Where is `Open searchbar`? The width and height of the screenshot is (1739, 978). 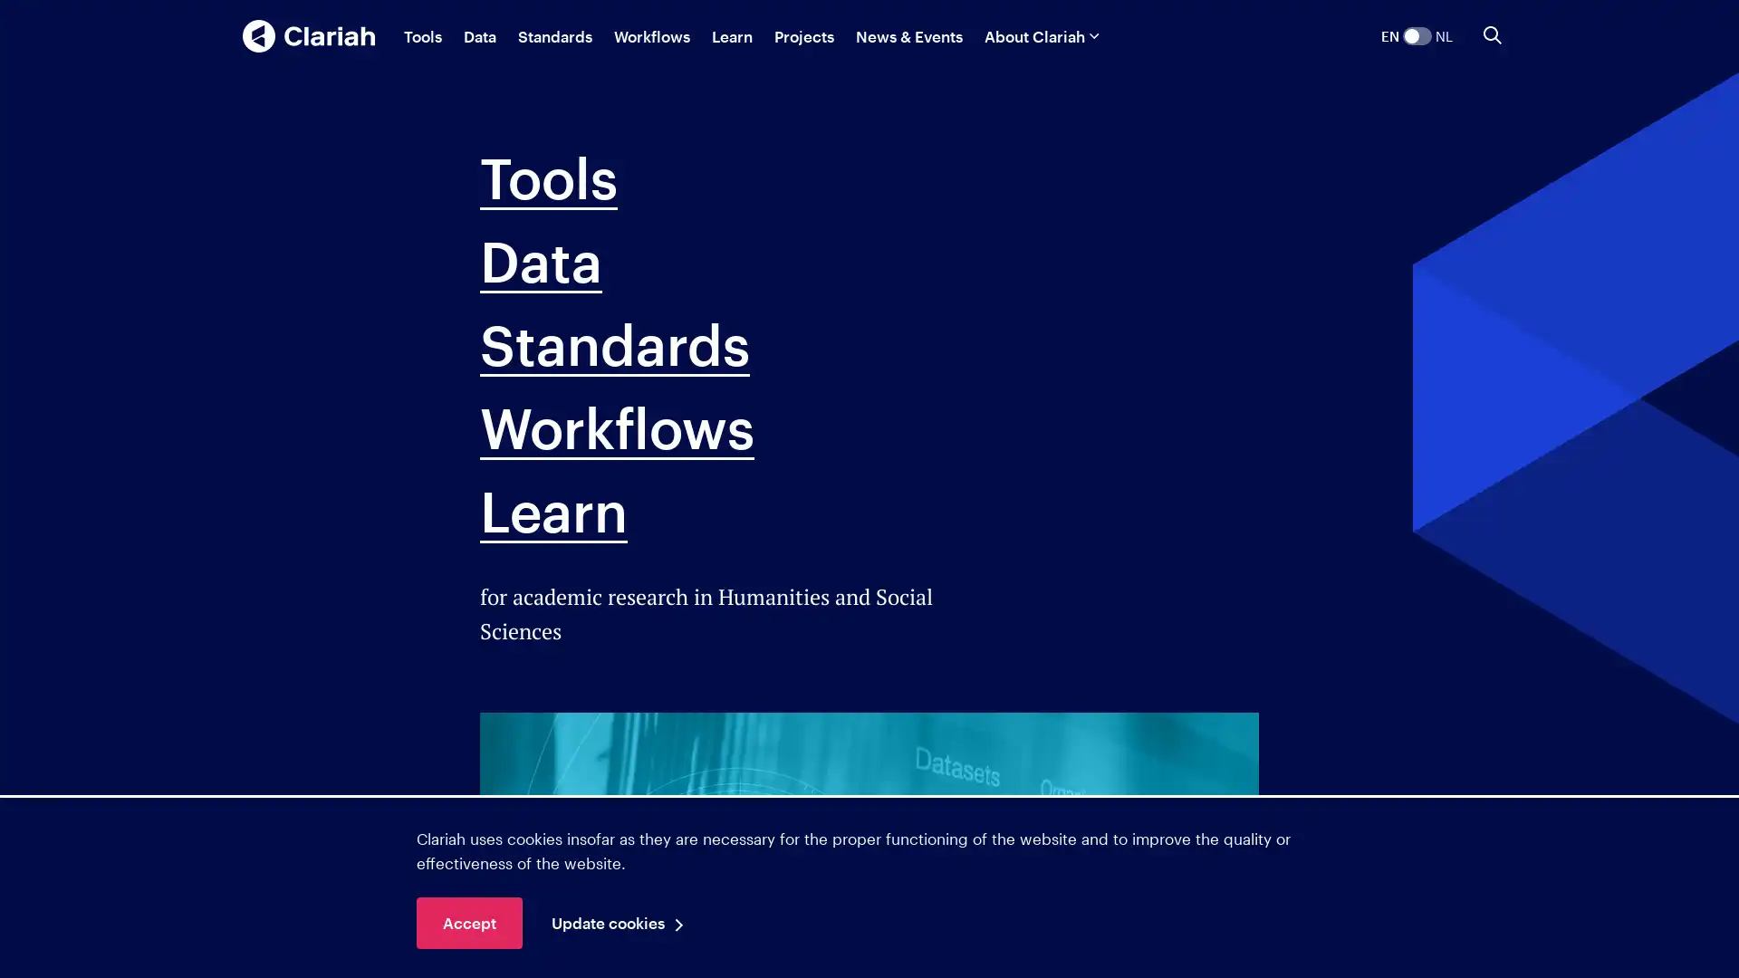 Open searchbar is located at coordinates (1492, 35).